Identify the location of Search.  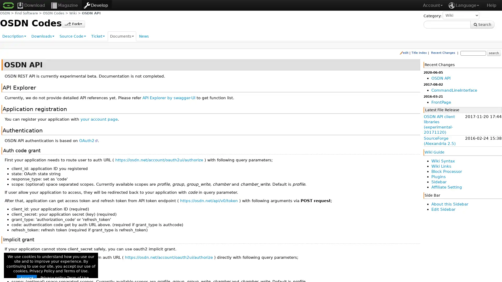
(482, 24).